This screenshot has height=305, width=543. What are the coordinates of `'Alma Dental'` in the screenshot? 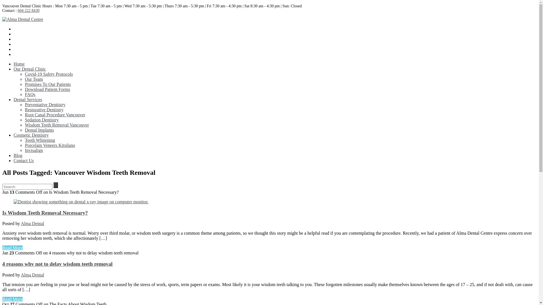 It's located at (32, 223).